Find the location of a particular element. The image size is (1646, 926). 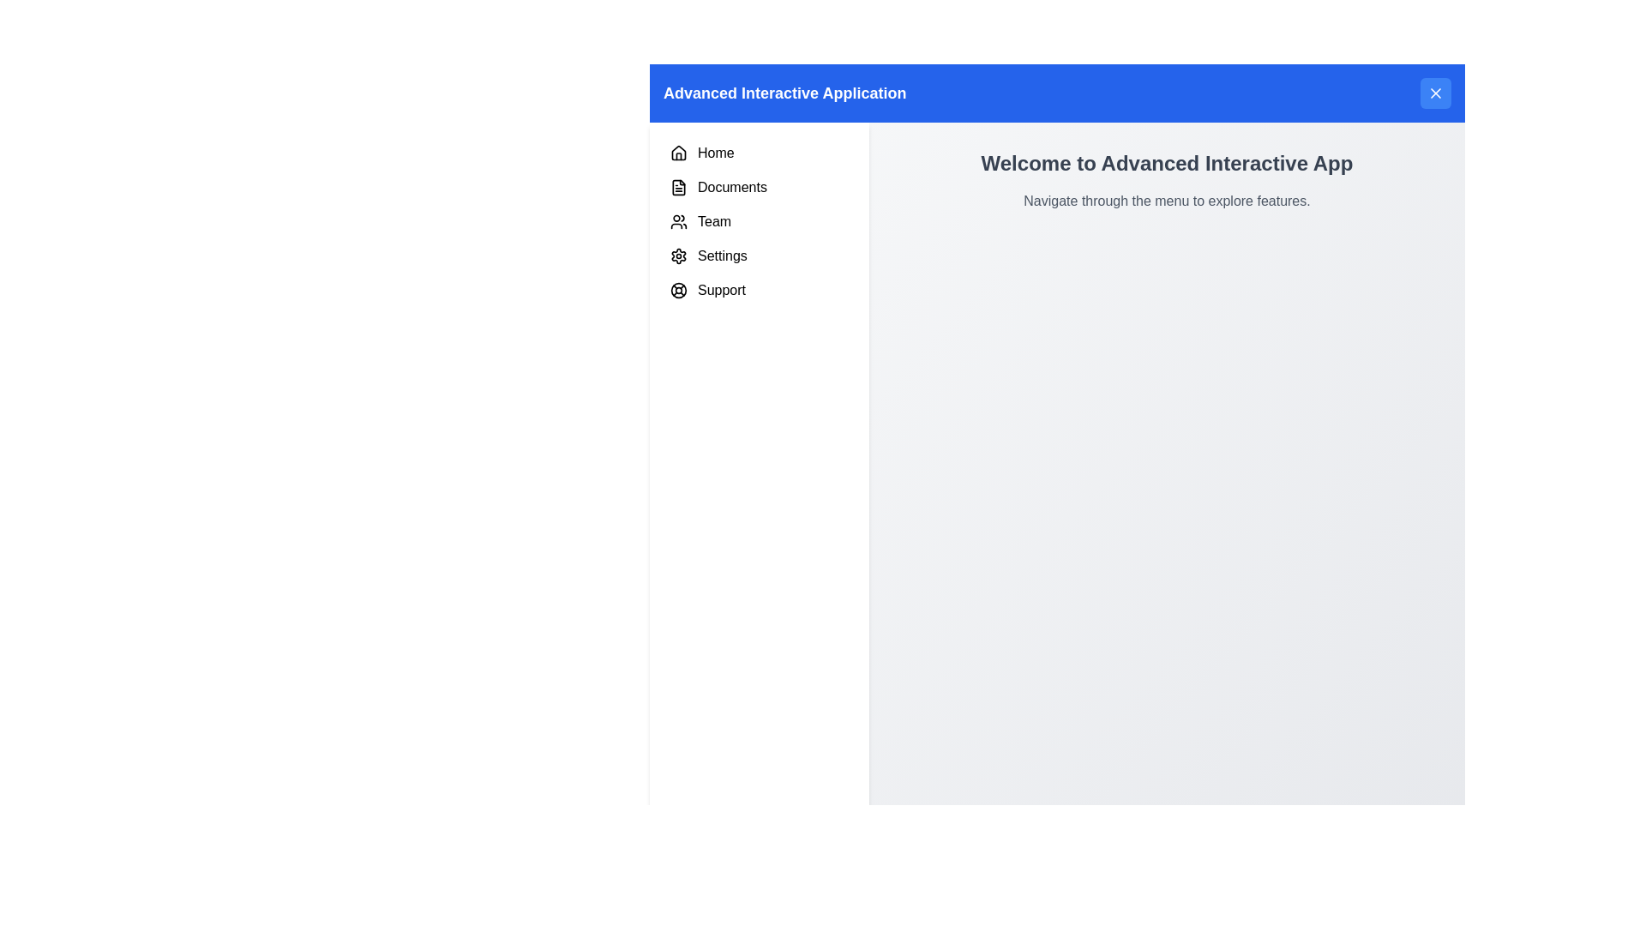

the square-shaped blue button with a white 'X' icon in the top-right corner of the 'Advanced Interactive Application' header bar is located at coordinates (1436, 93).